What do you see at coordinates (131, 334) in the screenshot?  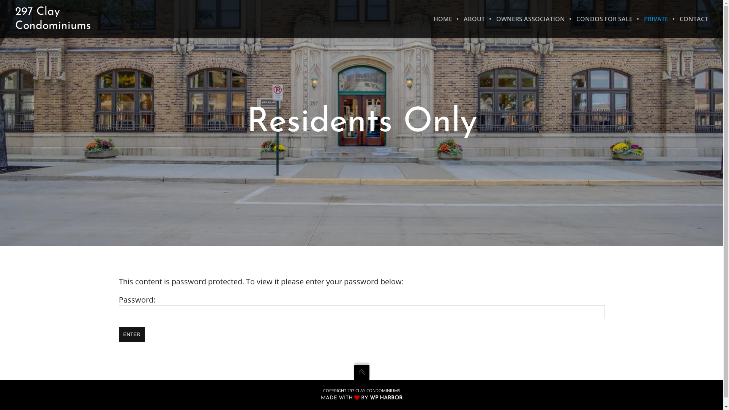 I see `'Enter'` at bounding box center [131, 334].